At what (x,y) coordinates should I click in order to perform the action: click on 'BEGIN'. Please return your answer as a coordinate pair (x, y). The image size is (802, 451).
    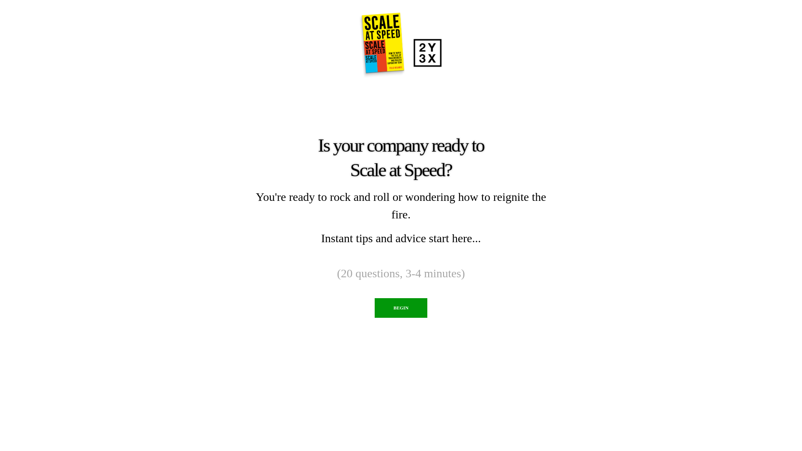
    Looking at the image, I should click on (401, 308).